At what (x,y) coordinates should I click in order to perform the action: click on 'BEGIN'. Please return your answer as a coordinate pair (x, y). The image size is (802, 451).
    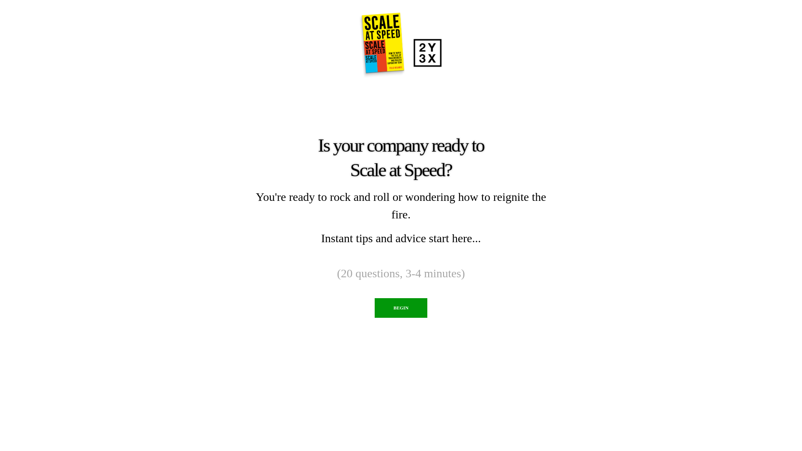
    Looking at the image, I should click on (401, 308).